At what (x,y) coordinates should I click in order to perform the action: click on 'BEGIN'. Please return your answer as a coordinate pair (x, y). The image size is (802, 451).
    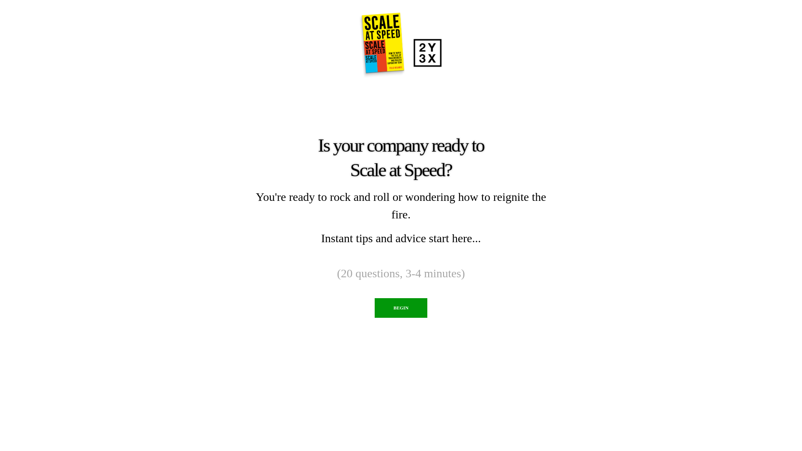
    Looking at the image, I should click on (401, 308).